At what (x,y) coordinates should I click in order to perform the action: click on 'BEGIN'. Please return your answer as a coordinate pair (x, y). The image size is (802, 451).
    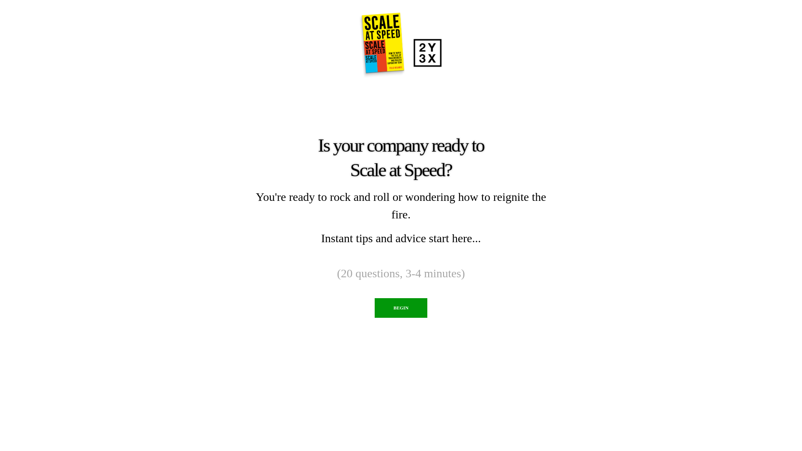
    Looking at the image, I should click on (401, 308).